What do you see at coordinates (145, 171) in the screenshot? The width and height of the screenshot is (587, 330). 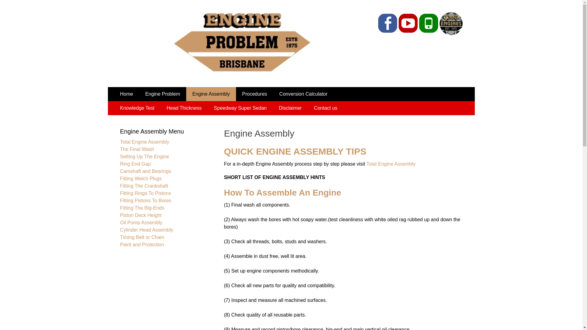 I see `'Camshaft and Bearings'` at bounding box center [145, 171].